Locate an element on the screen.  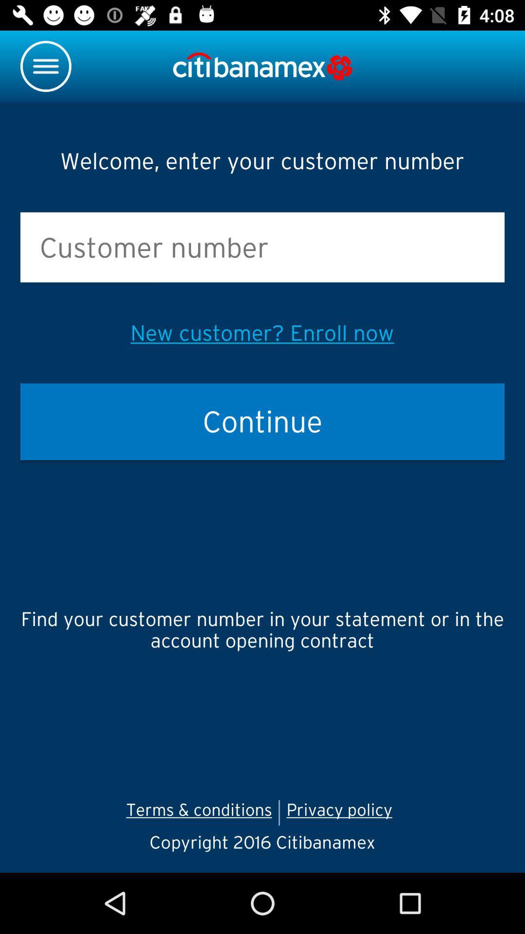
the icon above the new customer enroll item is located at coordinates (262, 247).